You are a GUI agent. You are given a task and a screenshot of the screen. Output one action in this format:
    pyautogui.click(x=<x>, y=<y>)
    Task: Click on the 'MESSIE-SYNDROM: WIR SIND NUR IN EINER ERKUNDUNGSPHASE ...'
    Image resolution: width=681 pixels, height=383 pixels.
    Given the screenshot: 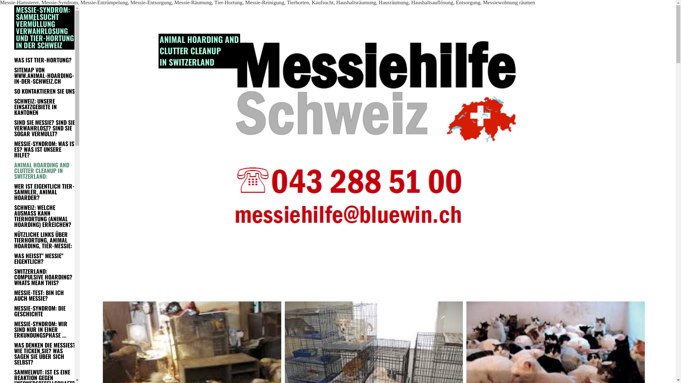 What is the action you would take?
    pyautogui.click(x=45, y=329)
    